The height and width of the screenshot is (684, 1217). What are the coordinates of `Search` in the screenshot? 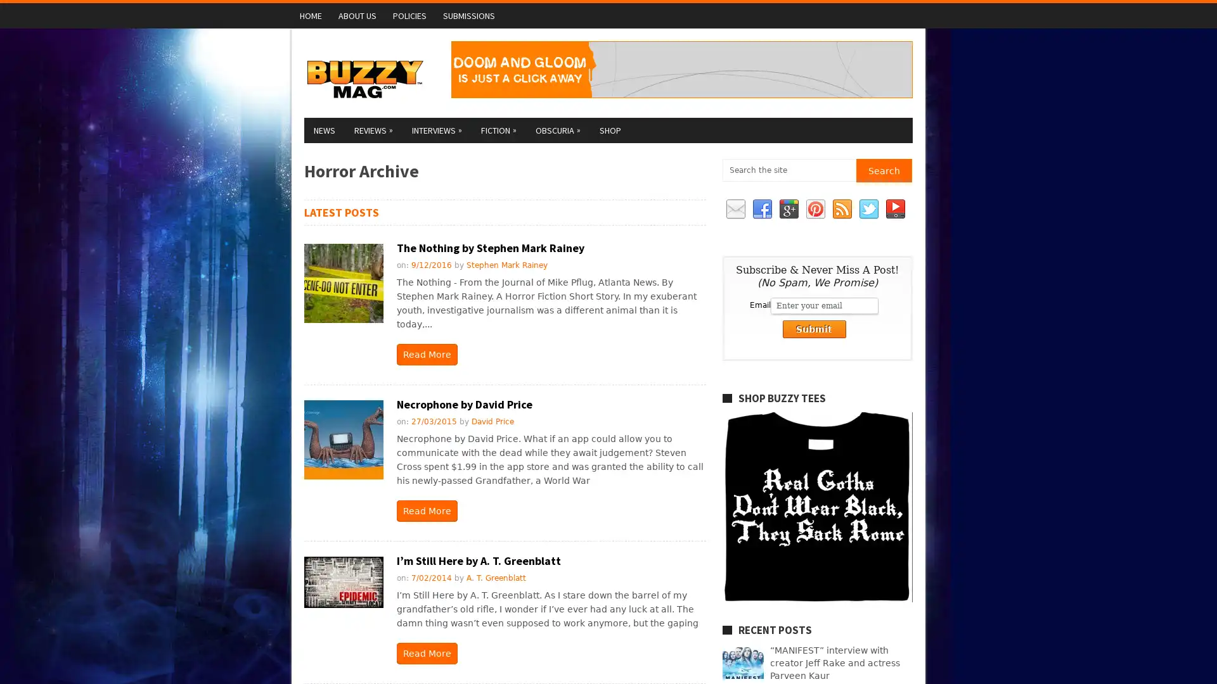 It's located at (883, 170).